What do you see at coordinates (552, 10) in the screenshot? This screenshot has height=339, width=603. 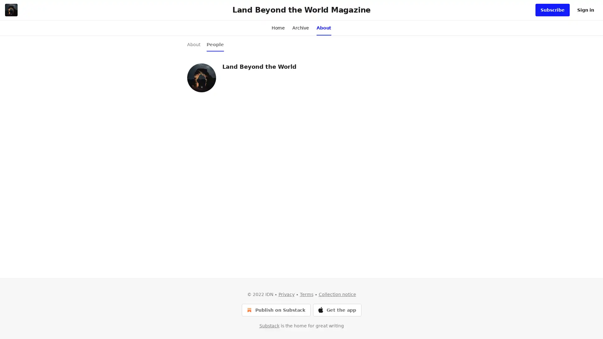 I see `Subscribe` at bounding box center [552, 10].